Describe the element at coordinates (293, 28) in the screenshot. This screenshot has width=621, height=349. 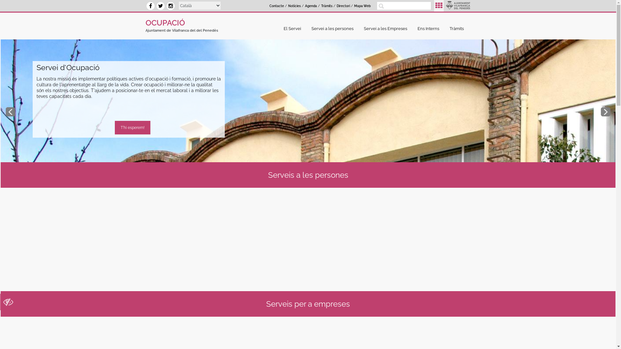
I see `'El Servei'` at that location.